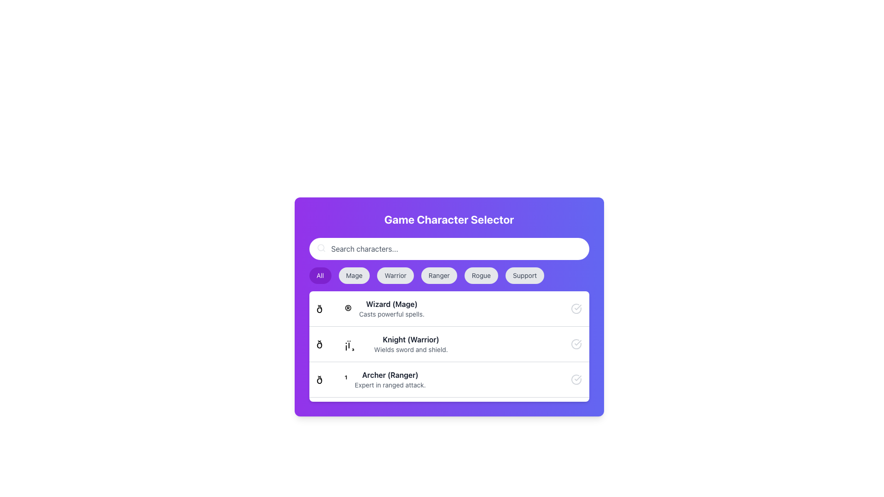 The height and width of the screenshot is (497, 884). What do you see at coordinates (449, 220) in the screenshot?
I see `the header displaying 'Game Character Selector', which is a bold, large white text on a gradient background` at bounding box center [449, 220].